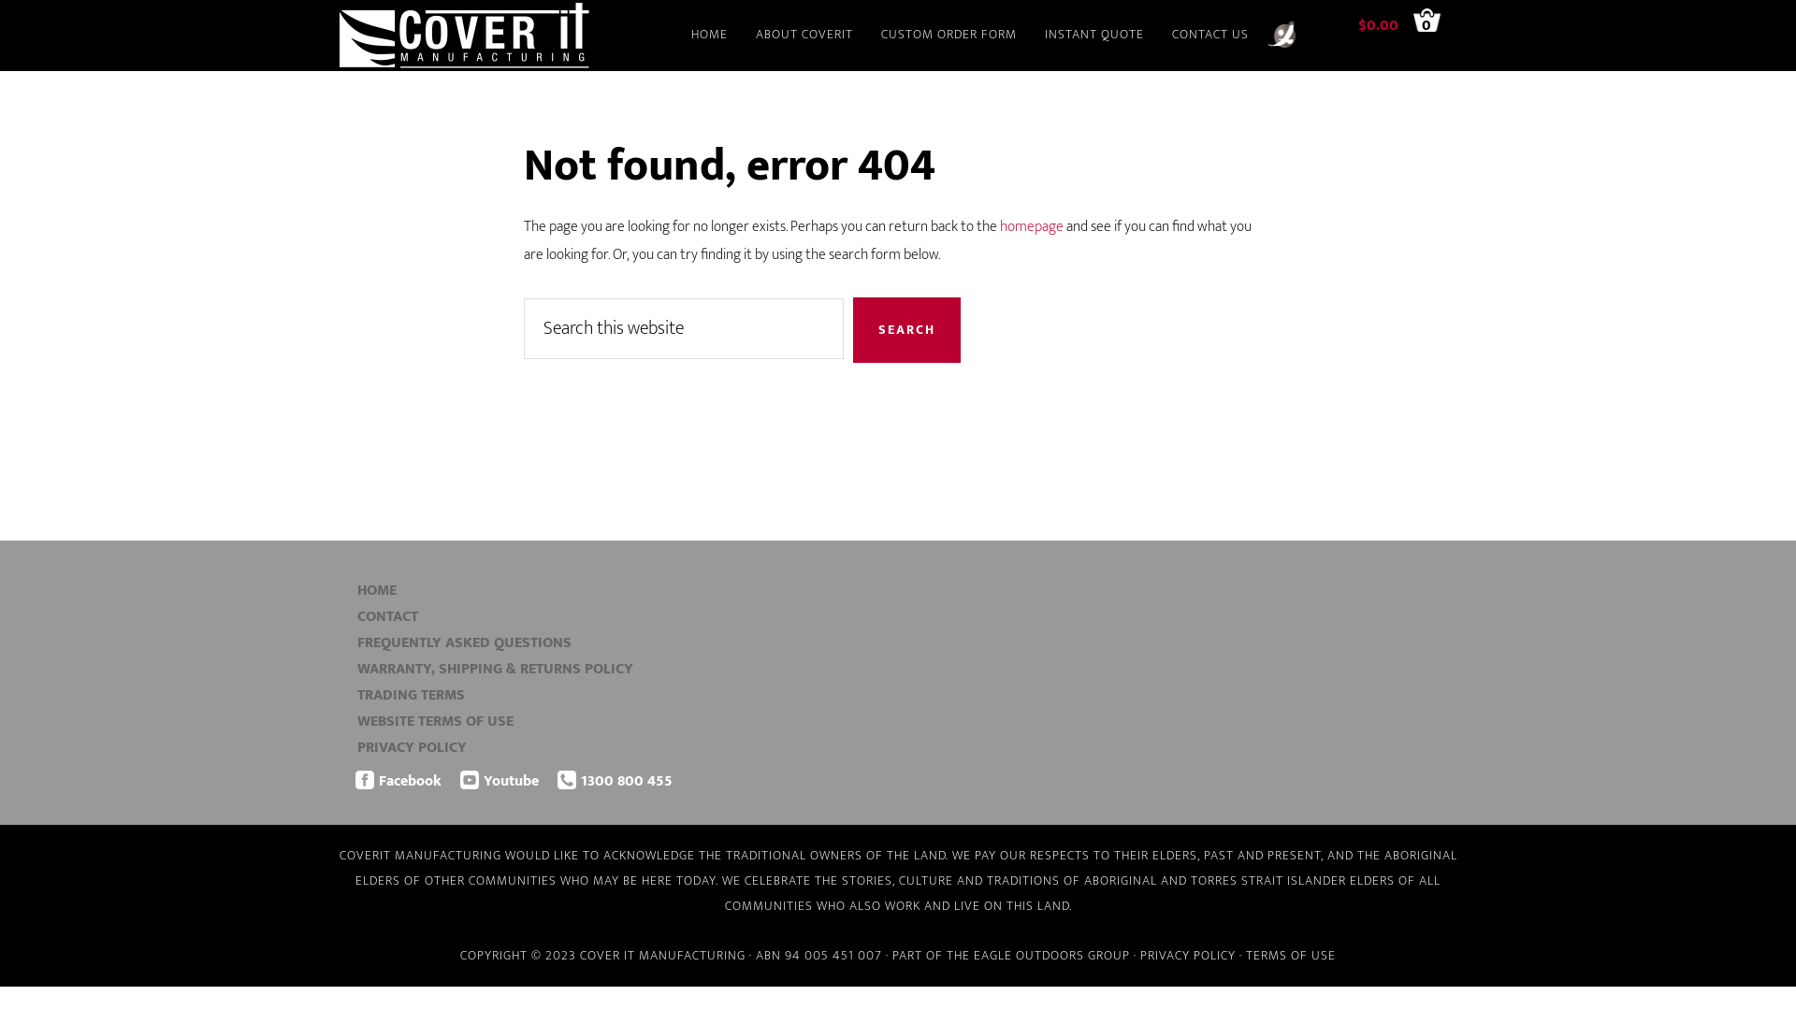 Image resolution: width=1796 pixels, height=1010 pixels. What do you see at coordinates (906, 329) in the screenshot?
I see `'Search'` at bounding box center [906, 329].